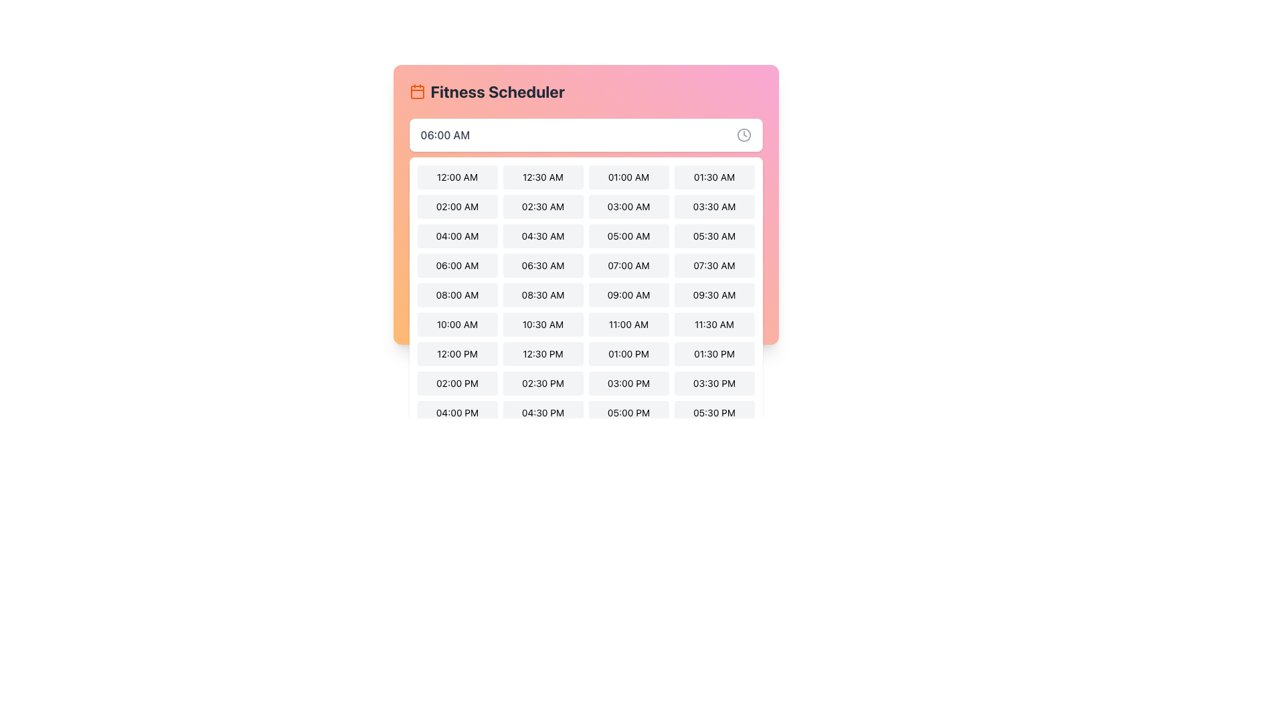  Describe the element at coordinates (543, 412) in the screenshot. I see `the selectable time slot button representing '04:30 PM' in the seventh row, second column of the scheduling interface` at that location.